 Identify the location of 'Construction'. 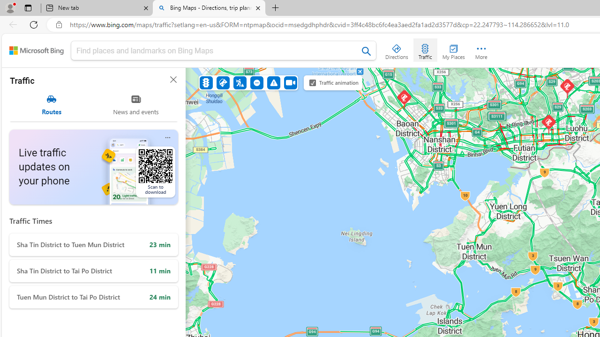
(240, 82).